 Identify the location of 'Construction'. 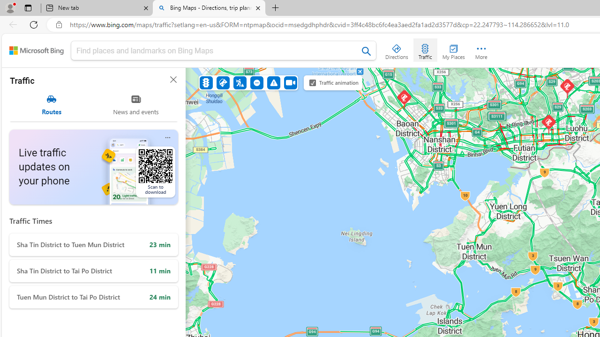
(240, 82).